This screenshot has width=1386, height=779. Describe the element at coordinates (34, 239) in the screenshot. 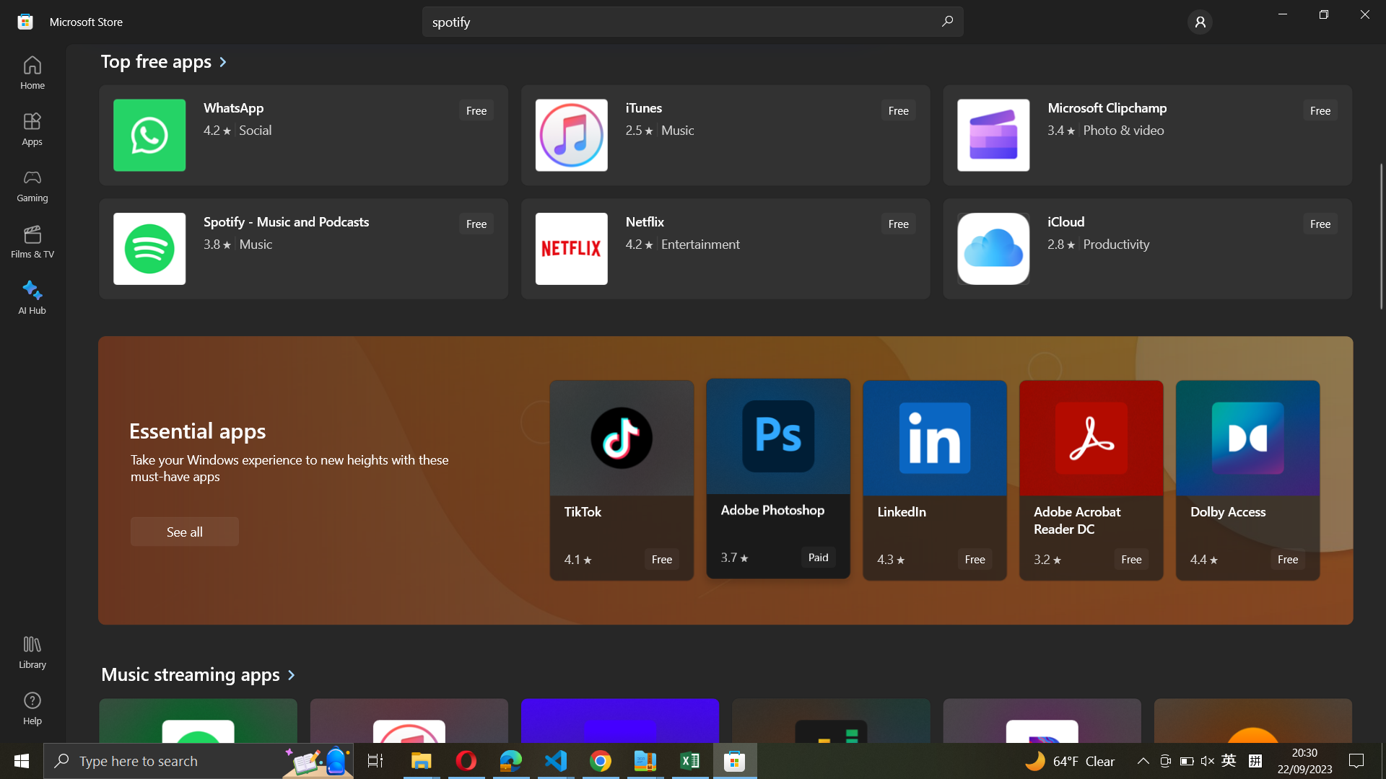

I see `Start Films & TV` at that location.